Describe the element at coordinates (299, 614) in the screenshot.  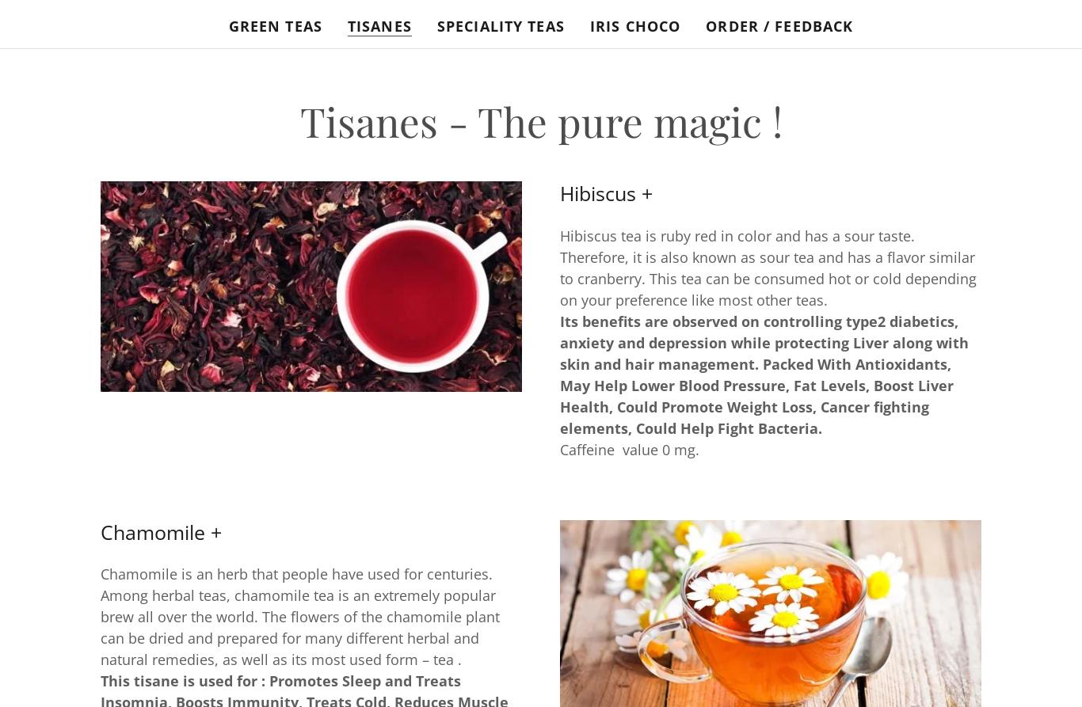
I see `'Chamomile is an herb that people have used for centuries. Among herbal teas, chamomile tea is an extremely popular brew all over the world. The flowers of the chamomile plant can be dried and prepared for many different herbal and natural remedies, as well as its most used form – tea .'` at that location.